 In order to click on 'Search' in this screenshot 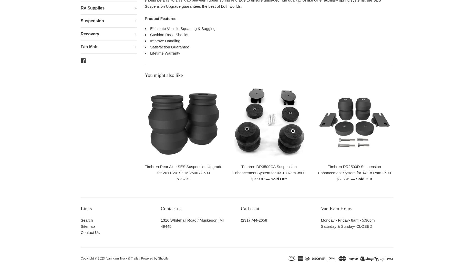, I will do `click(86, 220)`.